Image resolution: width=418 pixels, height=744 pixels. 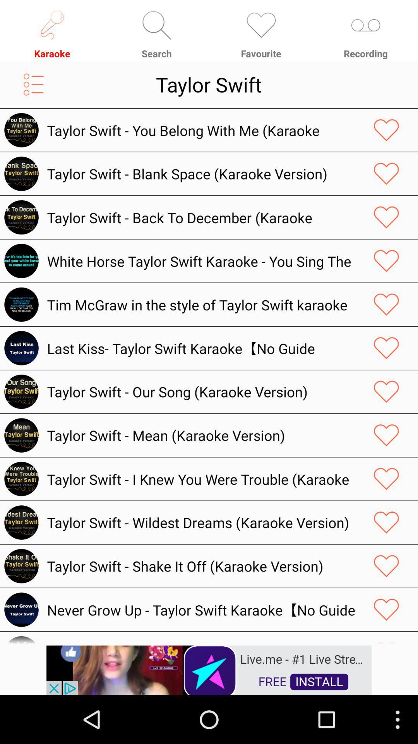 I want to click on like a music, so click(x=386, y=130).